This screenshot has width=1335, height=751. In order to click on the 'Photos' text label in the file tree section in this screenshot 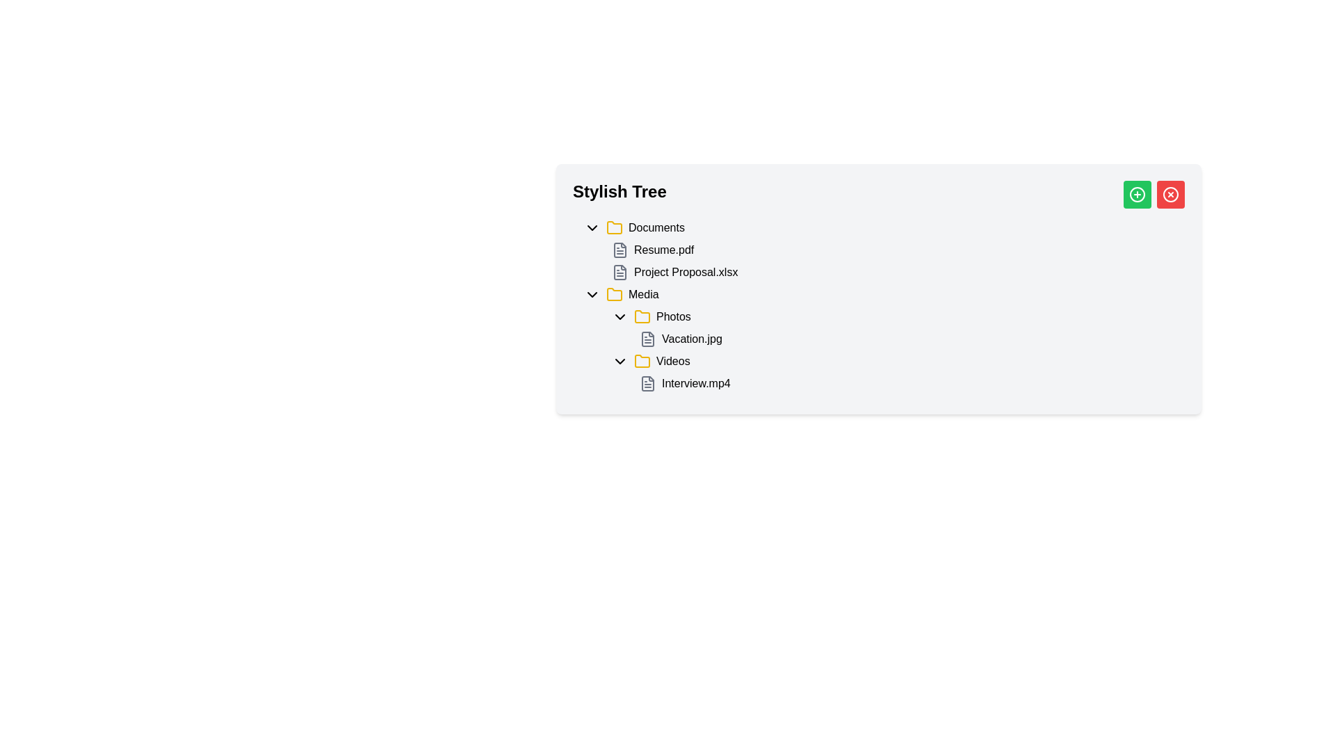, I will do `click(673, 316)`.